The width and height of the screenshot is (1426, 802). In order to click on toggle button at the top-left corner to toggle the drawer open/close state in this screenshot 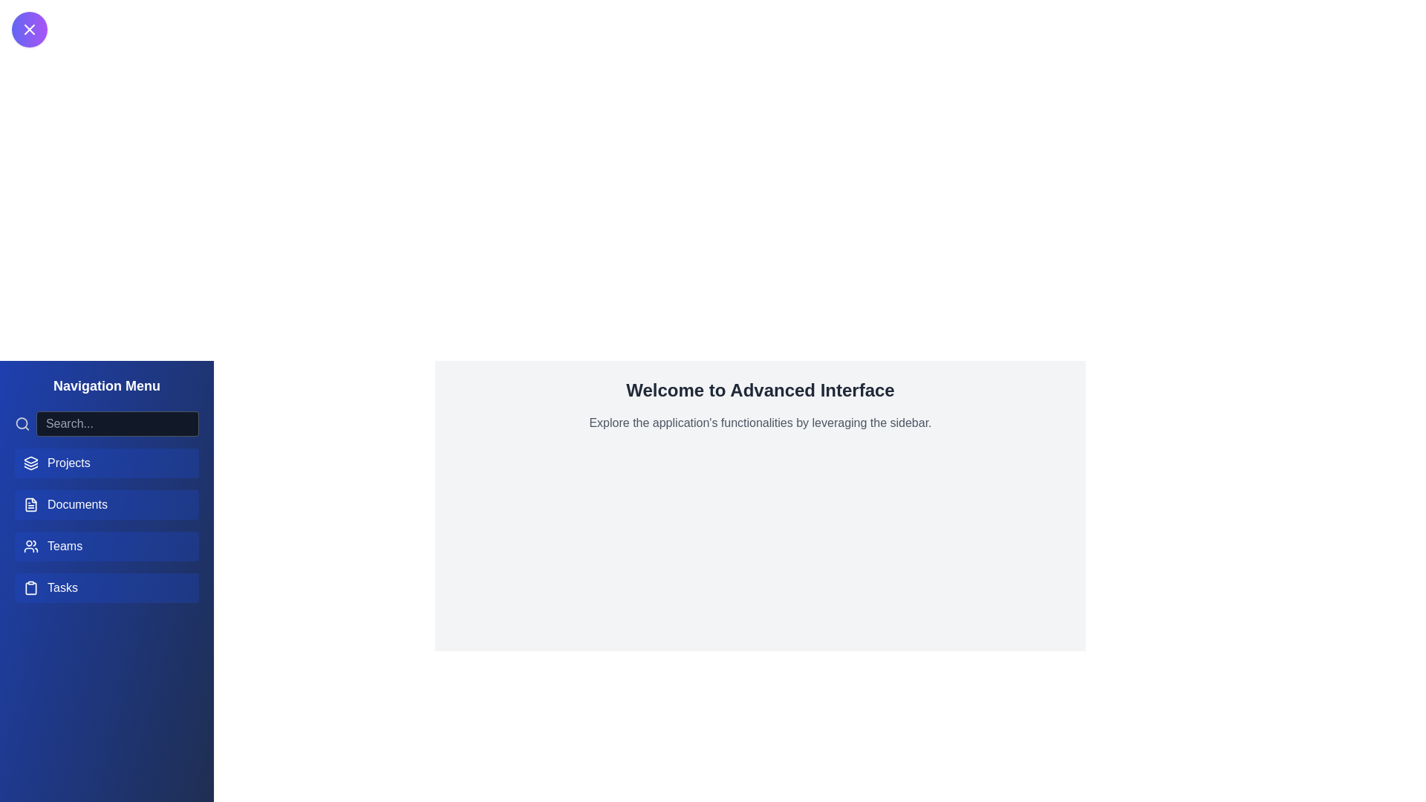, I will do `click(29, 29)`.